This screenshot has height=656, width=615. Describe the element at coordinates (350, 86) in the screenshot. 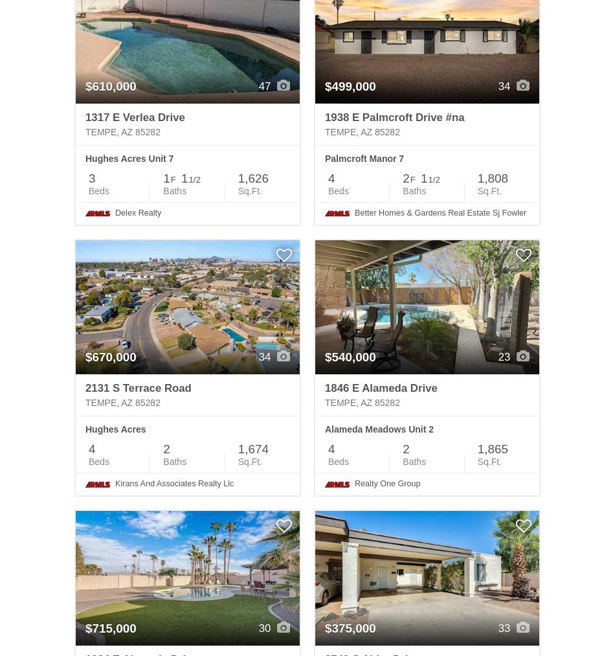

I see `'$499,000'` at that location.